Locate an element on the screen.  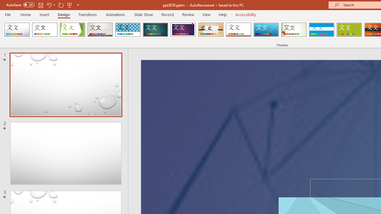
'Slice' is located at coordinates (266, 30).